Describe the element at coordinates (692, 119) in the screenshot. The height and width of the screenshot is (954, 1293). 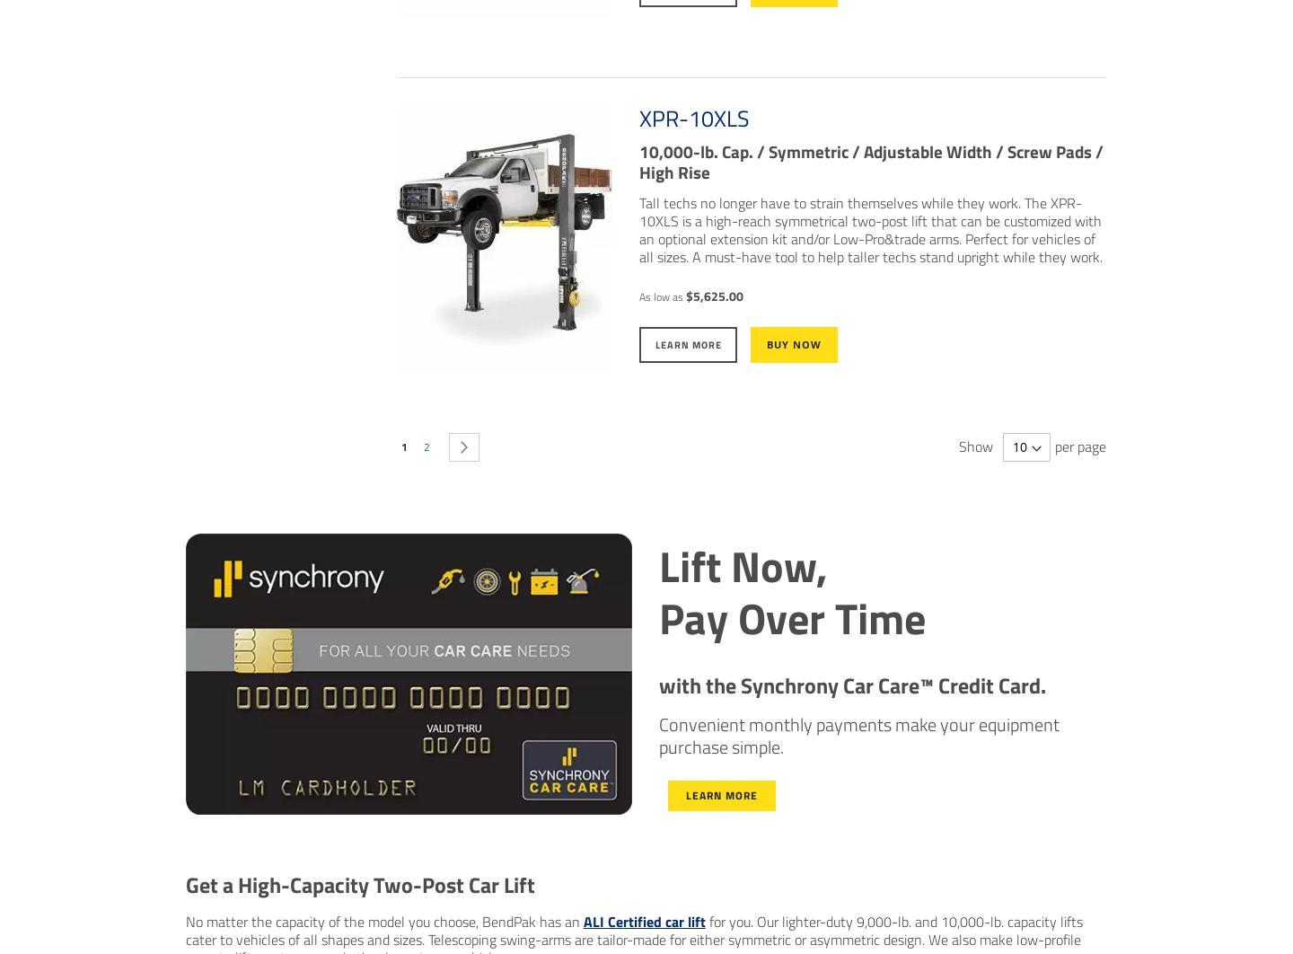
I see `'XPR-10XLS'` at that location.